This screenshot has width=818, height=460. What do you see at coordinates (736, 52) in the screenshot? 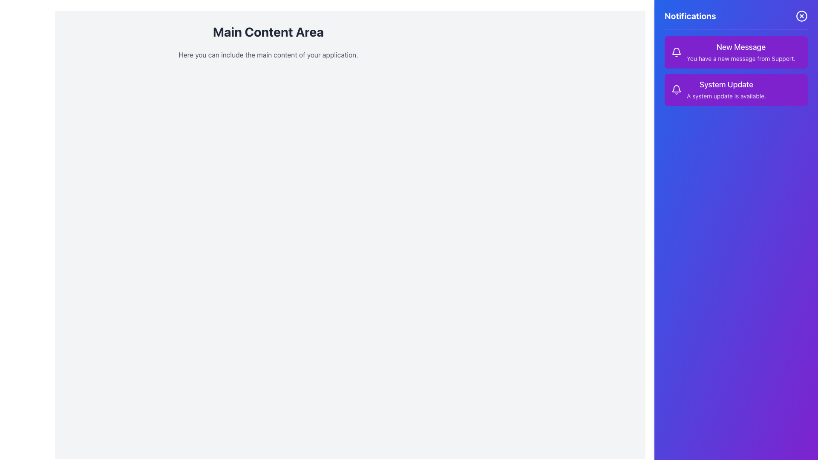
I see `message details from the Notification card that indicates a new message from Support, located at the top of the notifications section` at bounding box center [736, 52].